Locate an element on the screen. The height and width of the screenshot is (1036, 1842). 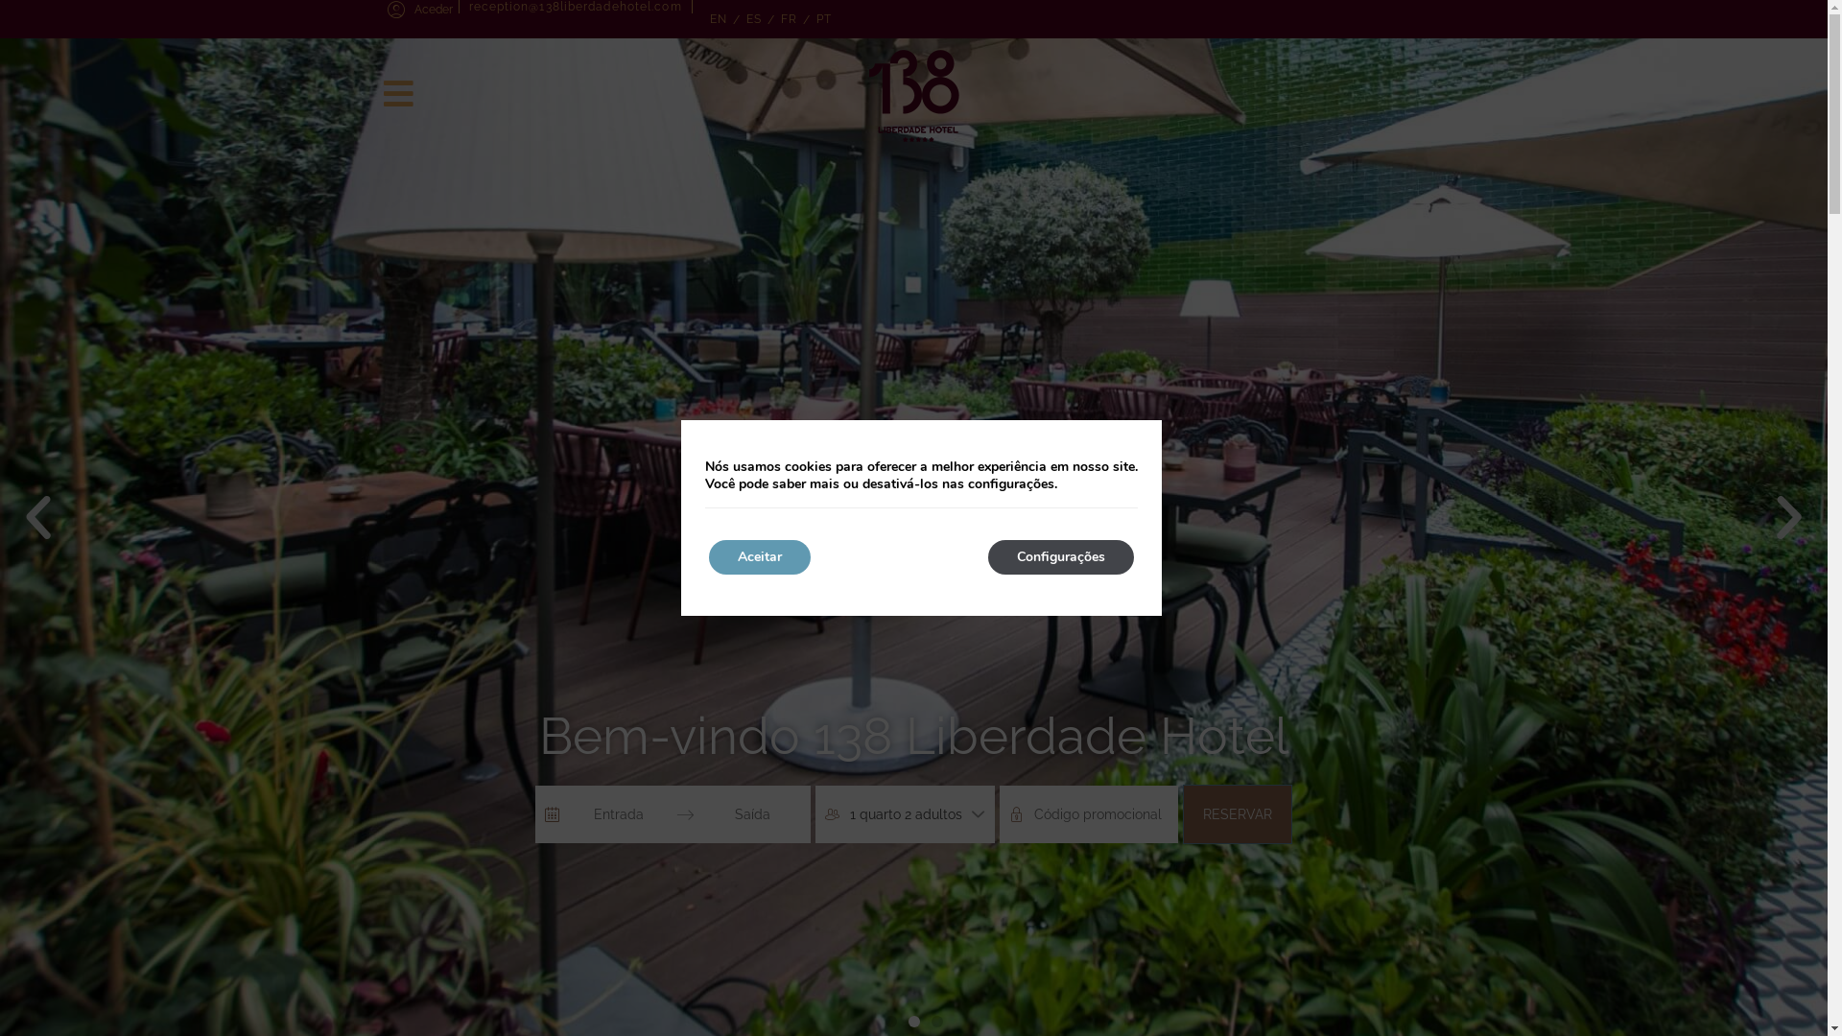
'reception@138liberdadehotel.com' is located at coordinates (574, 7).